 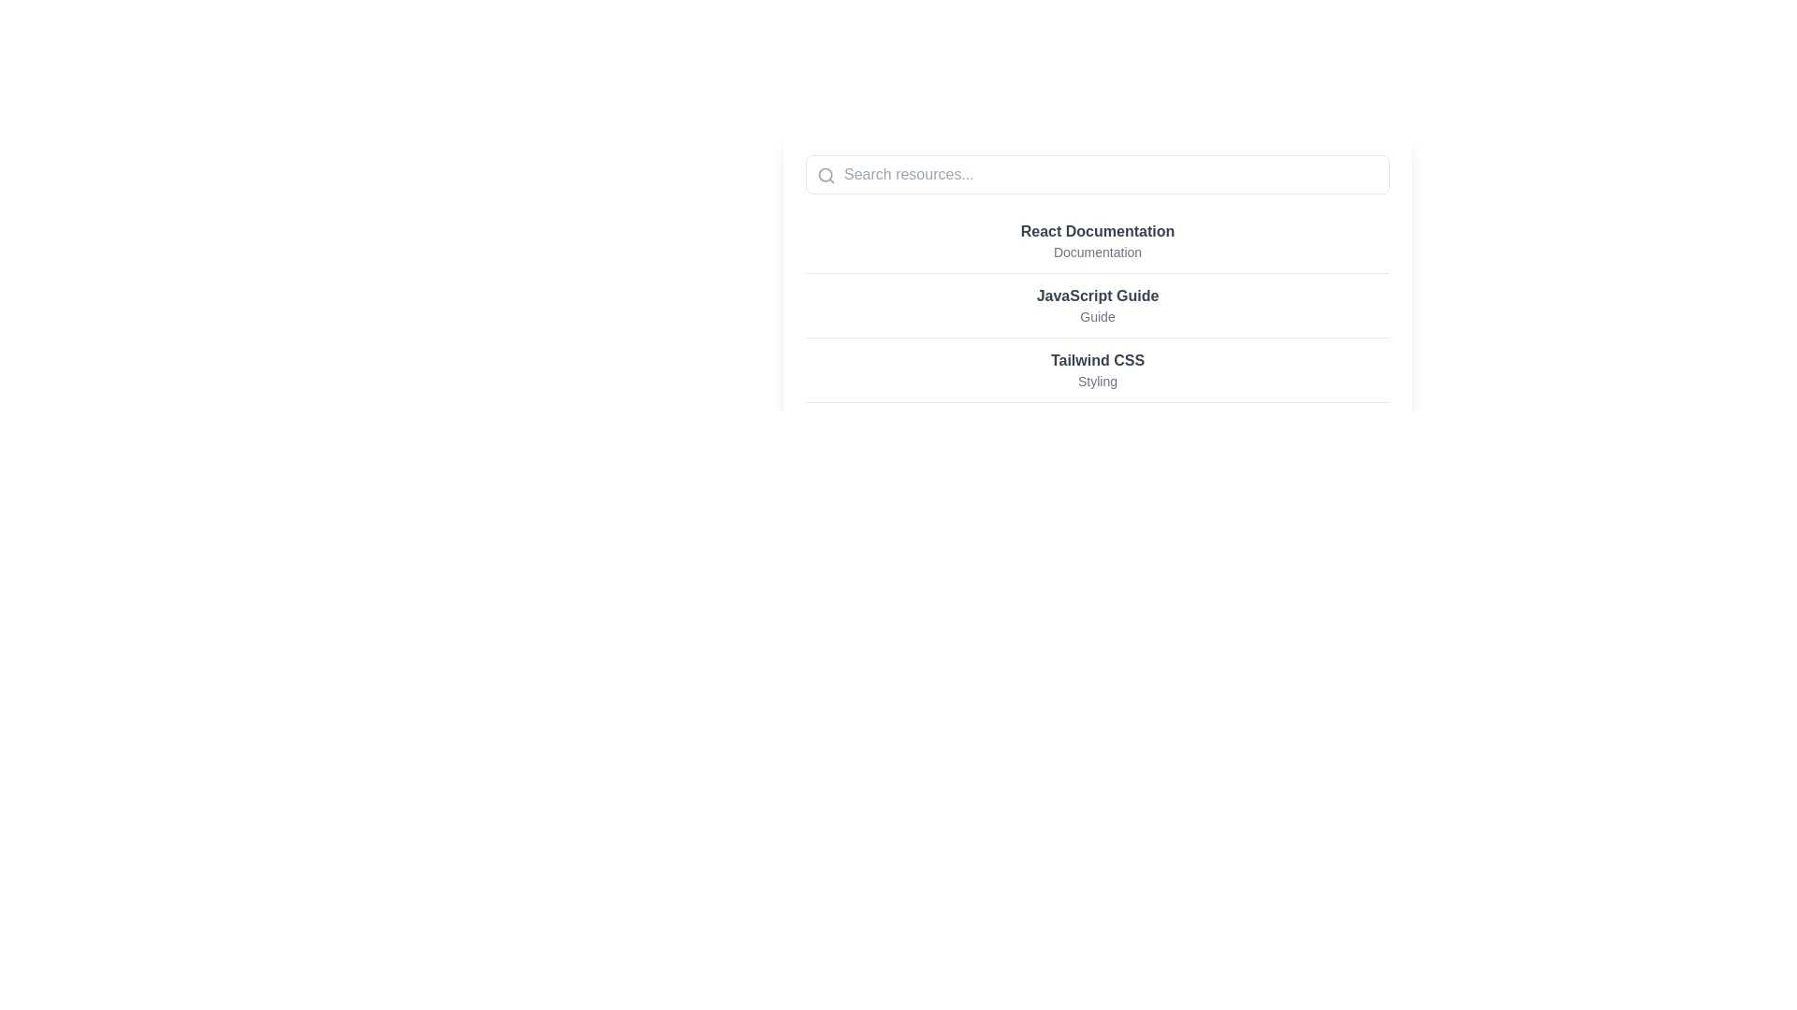 What do you see at coordinates (1097, 368) in the screenshot?
I see `the List item labeled 'Tailwind CSS' with the description 'Styling', which is the third item in the vertical list` at bounding box center [1097, 368].